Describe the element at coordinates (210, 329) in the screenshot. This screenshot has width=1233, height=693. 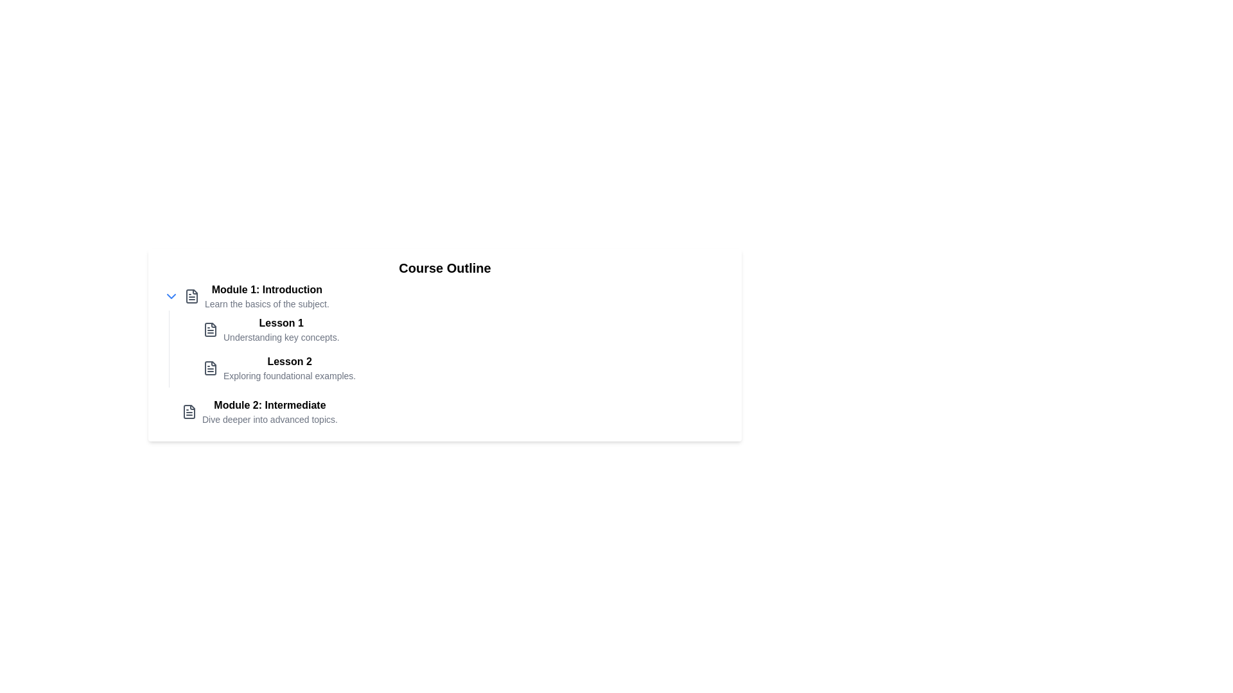
I see `the content associated with the document-shaped icon located in the middle-left of the user interface, near the 'Lesson 2' text` at that location.